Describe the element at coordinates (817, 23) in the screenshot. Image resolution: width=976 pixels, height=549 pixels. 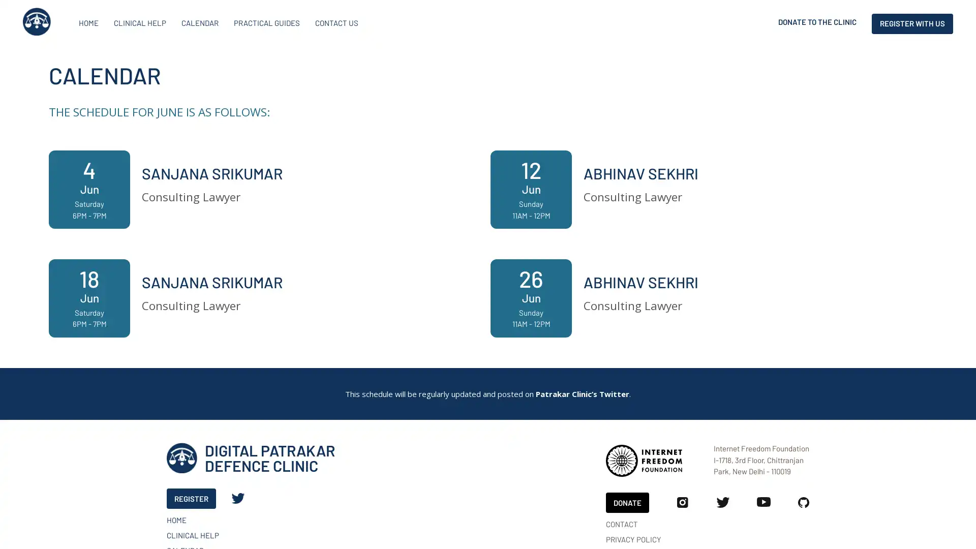
I see `DONATE TO THE CLINIC` at that location.